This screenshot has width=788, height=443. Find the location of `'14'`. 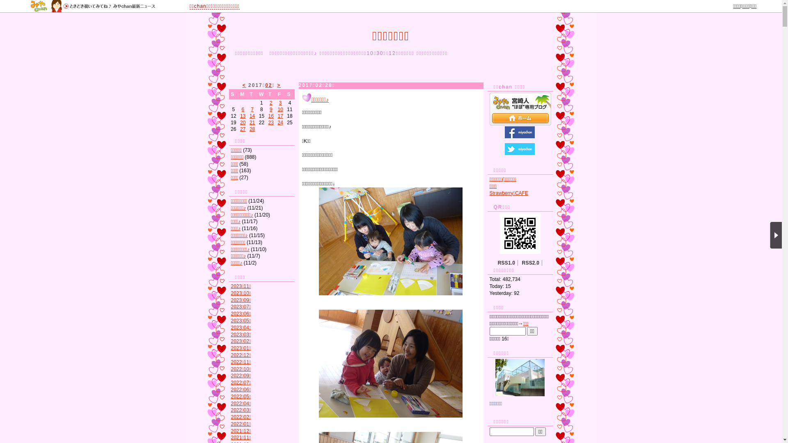

'14' is located at coordinates (252, 116).